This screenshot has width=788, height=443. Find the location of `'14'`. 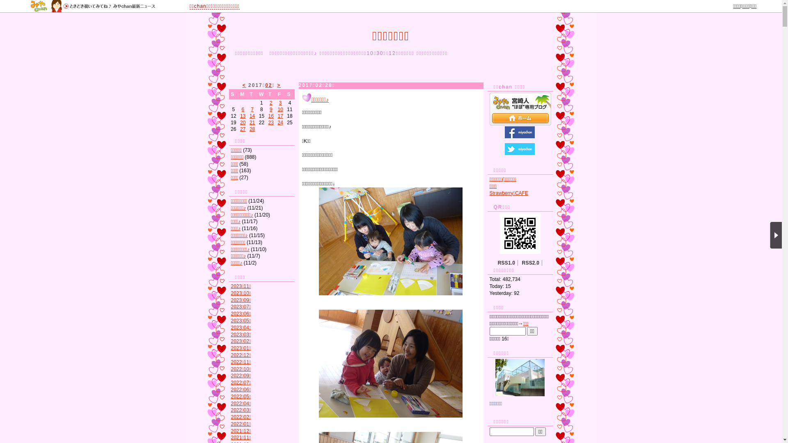

'14' is located at coordinates (252, 116).